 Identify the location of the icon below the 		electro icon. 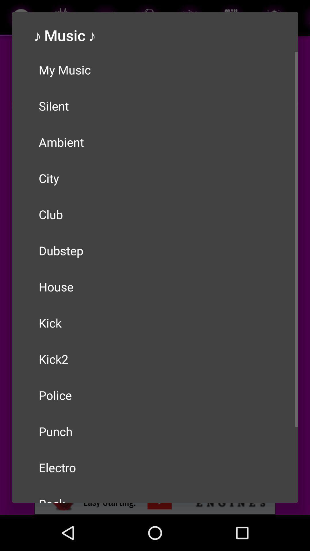
(155, 494).